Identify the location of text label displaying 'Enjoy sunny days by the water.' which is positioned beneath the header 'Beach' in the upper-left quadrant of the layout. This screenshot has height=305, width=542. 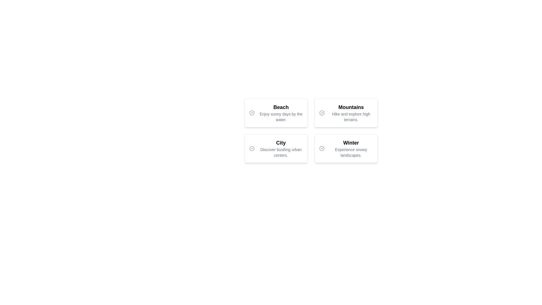
(281, 116).